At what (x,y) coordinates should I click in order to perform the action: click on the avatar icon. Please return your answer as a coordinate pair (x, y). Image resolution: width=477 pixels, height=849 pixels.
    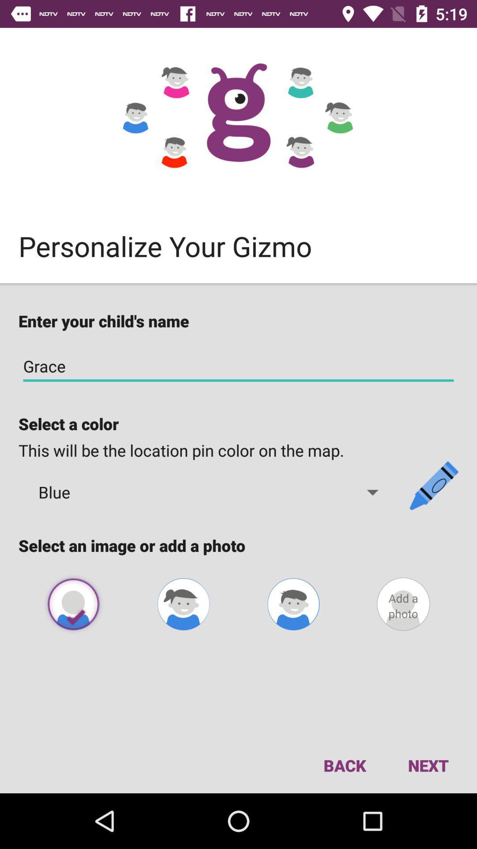
    Looking at the image, I should click on (183, 604).